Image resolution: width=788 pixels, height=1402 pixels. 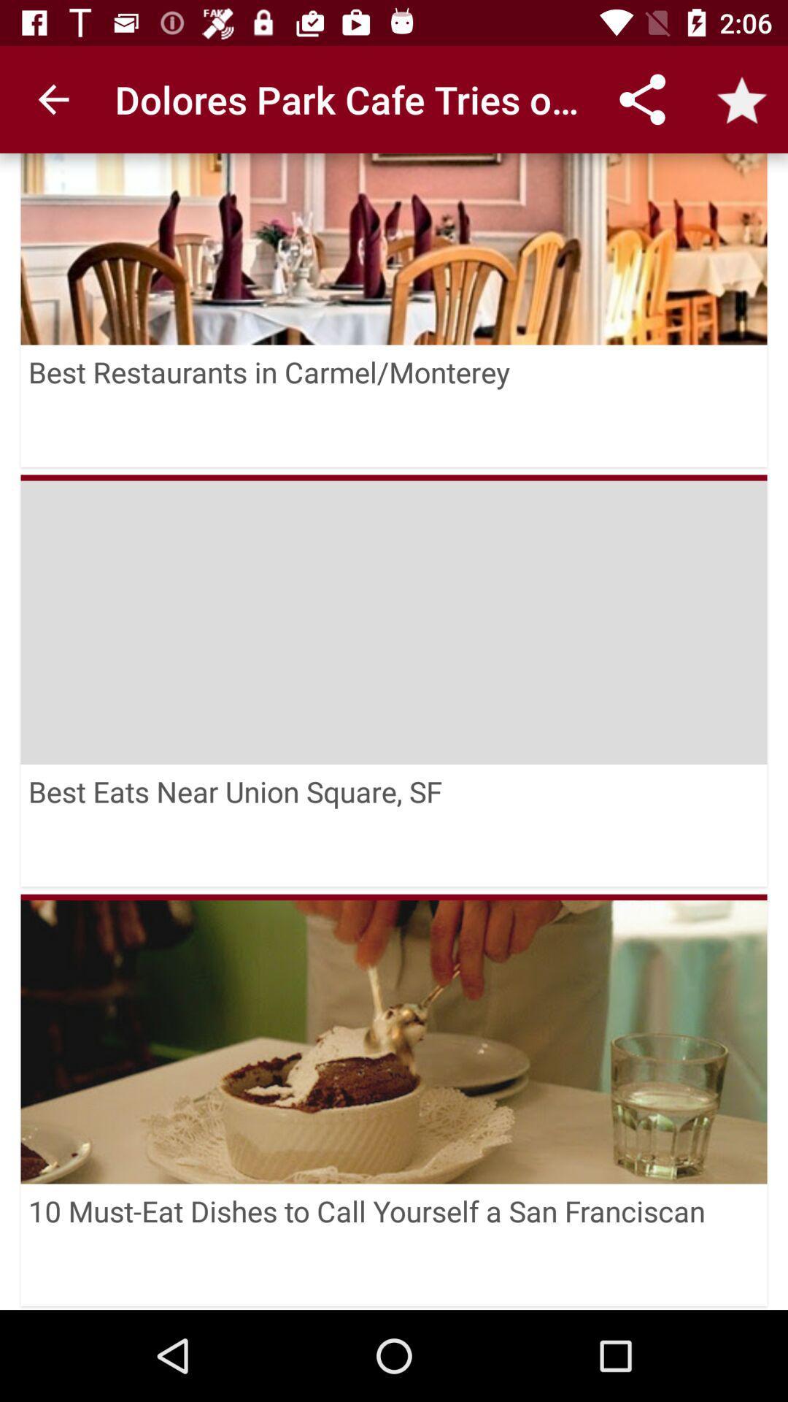 I want to click on item next to dolores park cafe, so click(x=53, y=99).